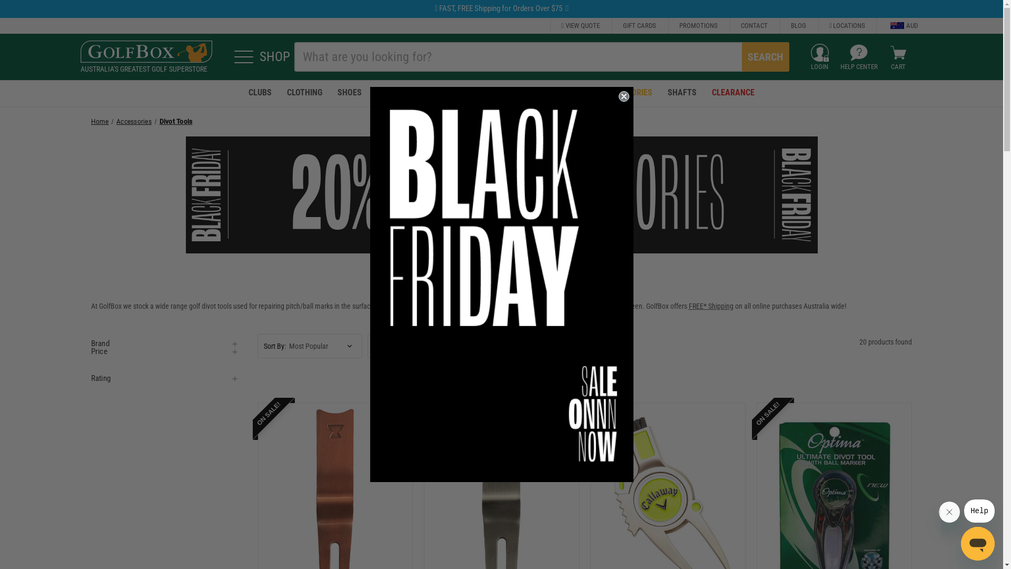  What do you see at coordinates (897, 57) in the screenshot?
I see `'CART'` at bounding box center [897, 57].